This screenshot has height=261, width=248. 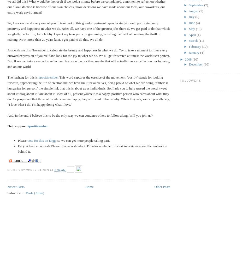 What do you see at coordinates (188, 59) in the screenshot?
I see `'2008'` at bounding box center [188, 59].